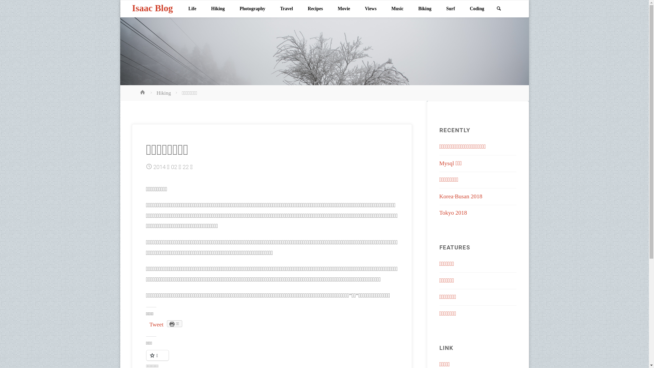 The width and height of the screenshot is (654, 368). I want to click on 'Life', so click(192, 9).